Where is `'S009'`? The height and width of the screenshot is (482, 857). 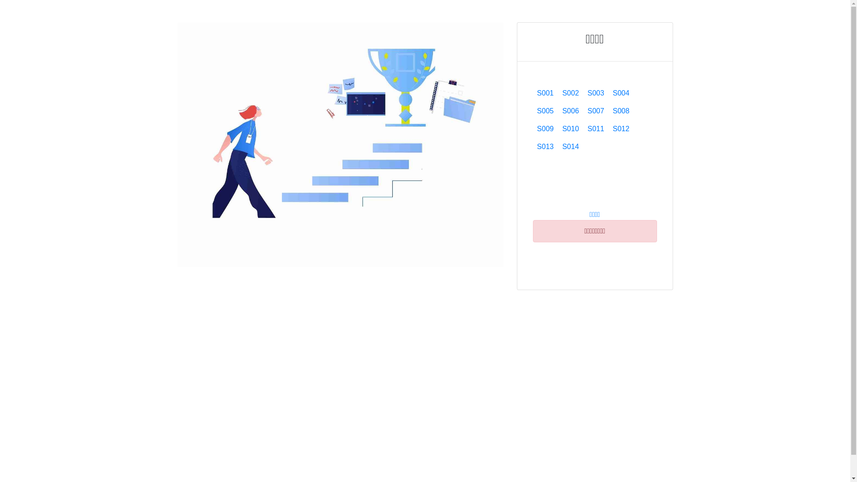 'S009' is located at coordinates (545, 129).